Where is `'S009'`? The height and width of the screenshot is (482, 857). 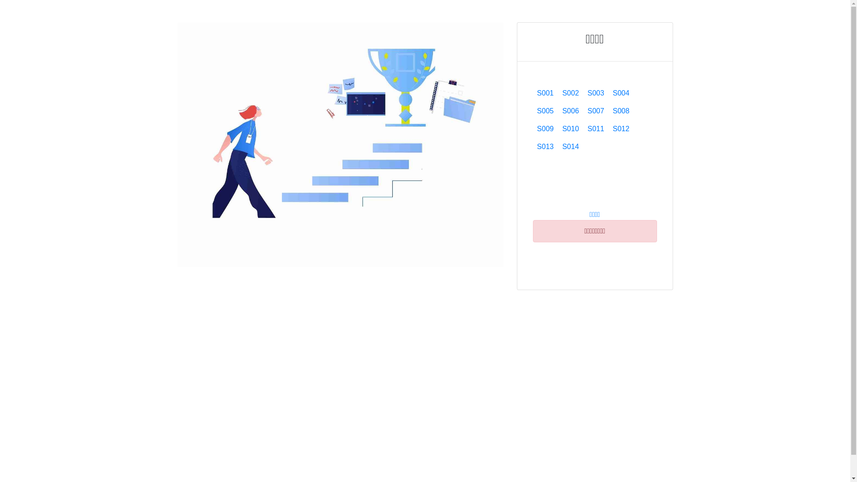 'S009' is located at coordinates (545, 129).